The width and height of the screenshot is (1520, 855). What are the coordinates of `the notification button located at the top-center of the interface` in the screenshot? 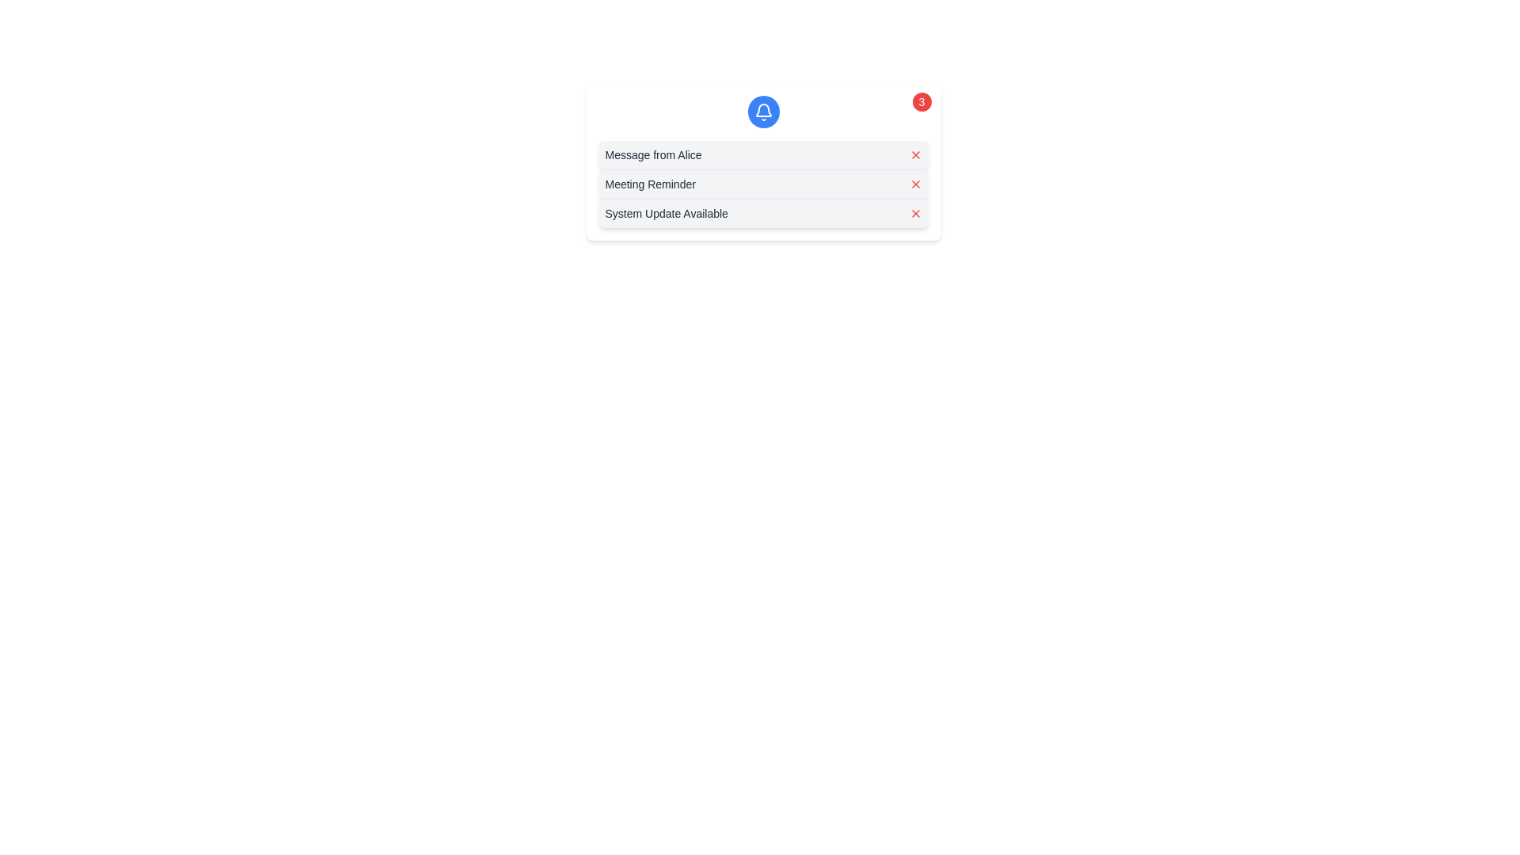 It's located at (763, 111).